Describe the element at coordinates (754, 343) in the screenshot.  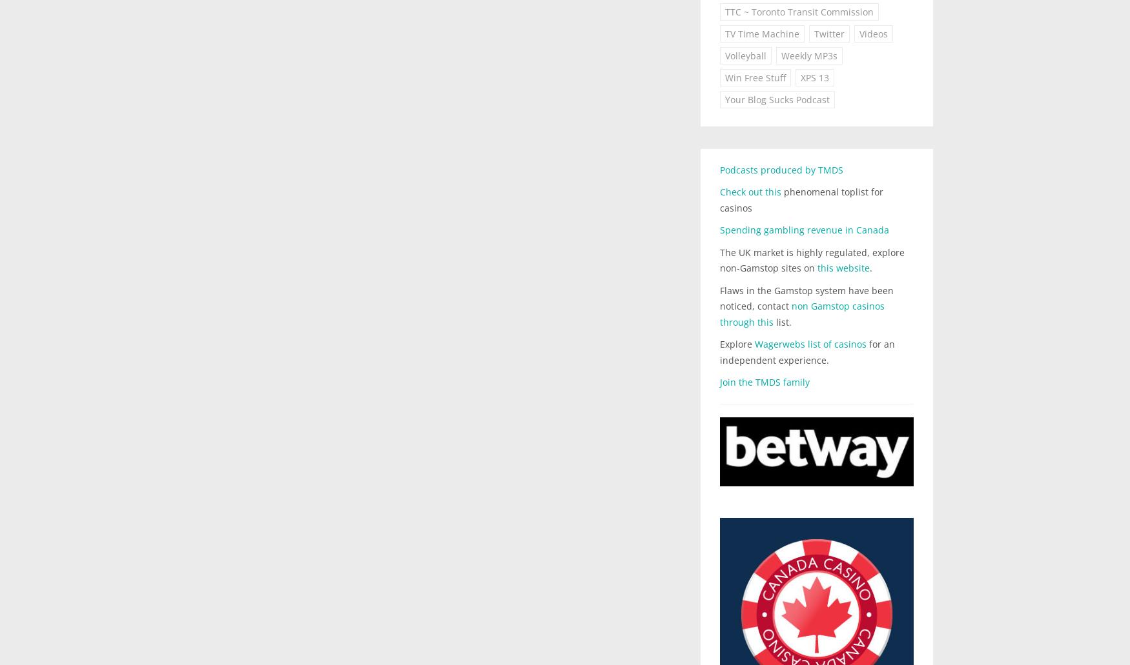
I see `'Wagerwebs list of casinos'` at that location.